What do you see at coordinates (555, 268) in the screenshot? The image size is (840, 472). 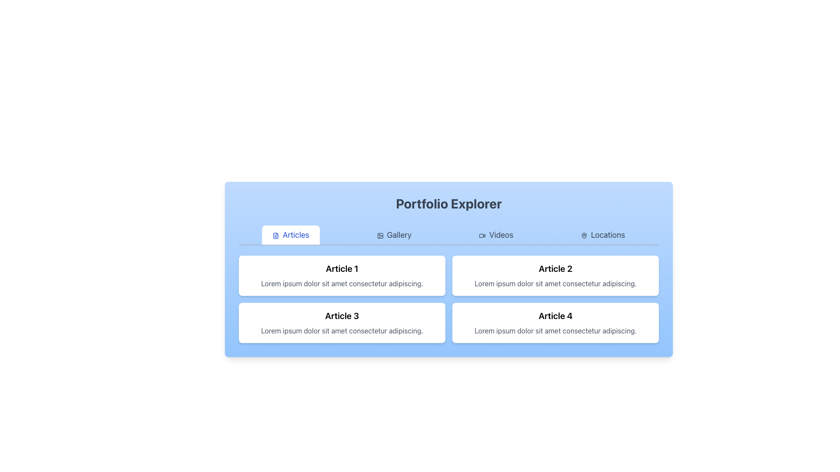 I see `the text label 'Article 2', which is displayed in an extra-large bold font at the top of the second card in the first row of the grid layout under the 'Articles' tab` at bounding box center [555, 268].